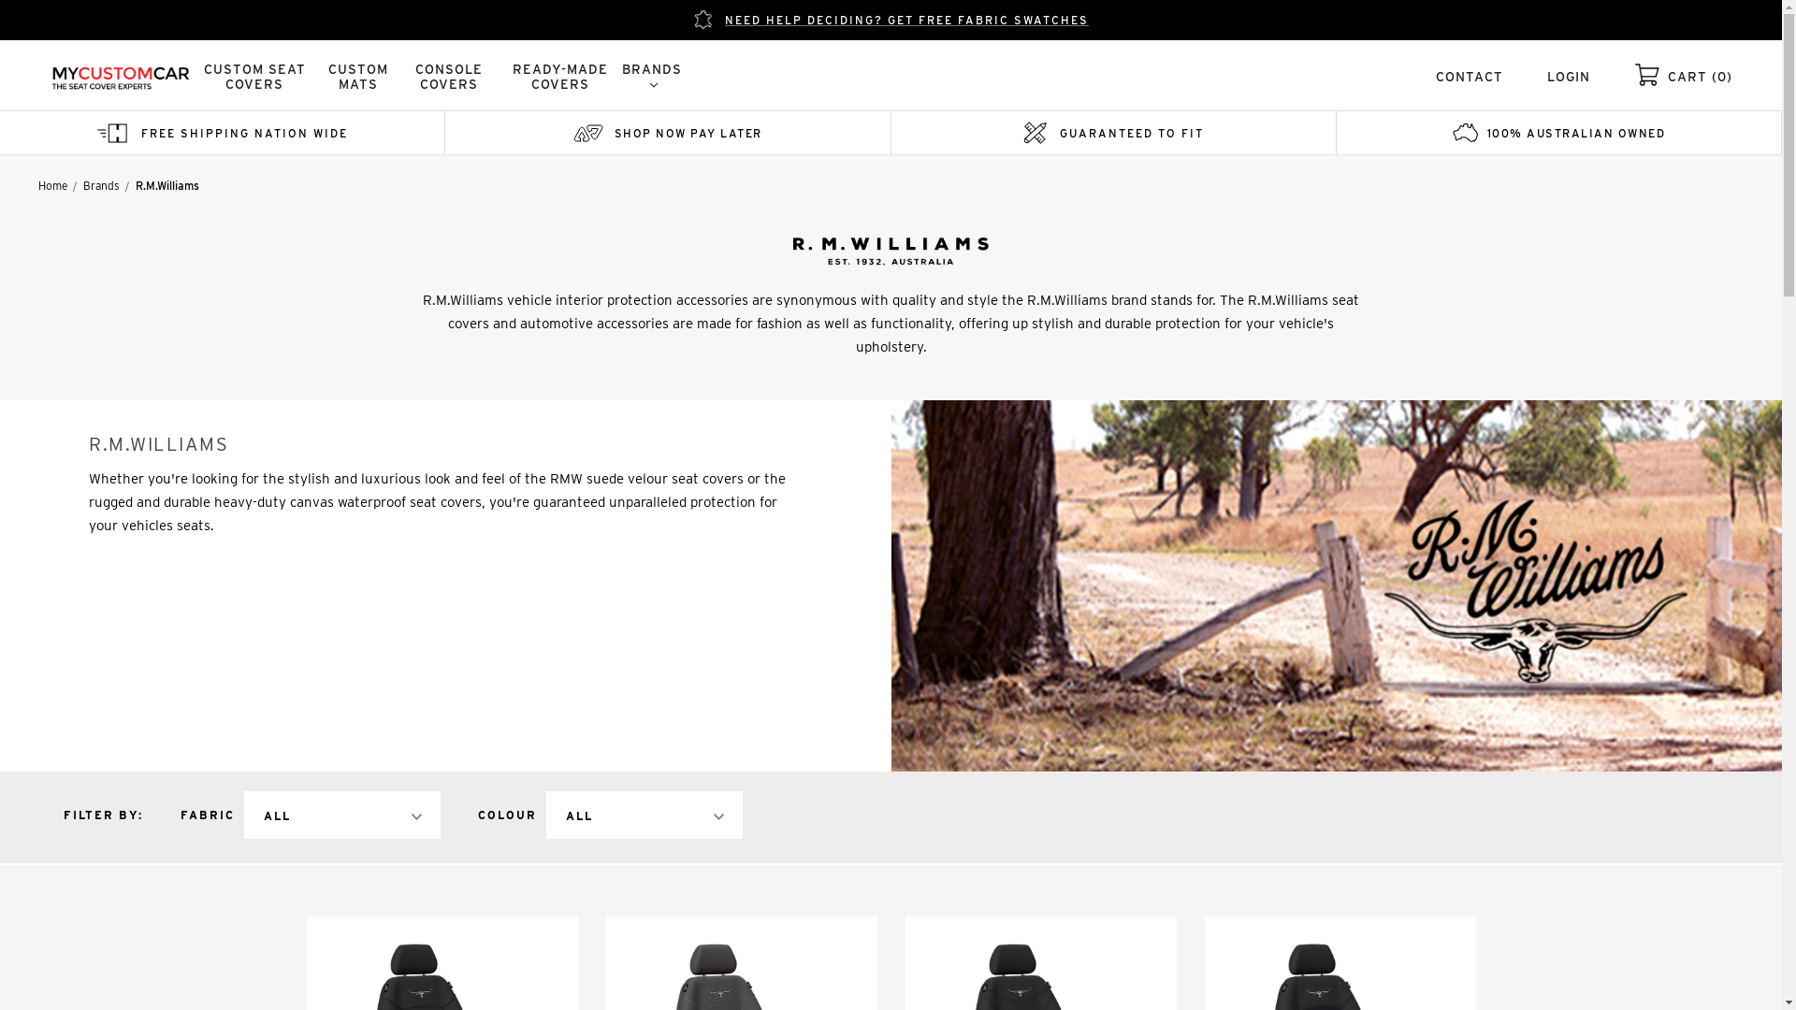 The height and width of the screenshot is (1010, 1796). I want to click on 'LOGIN', so click(1568, 75).